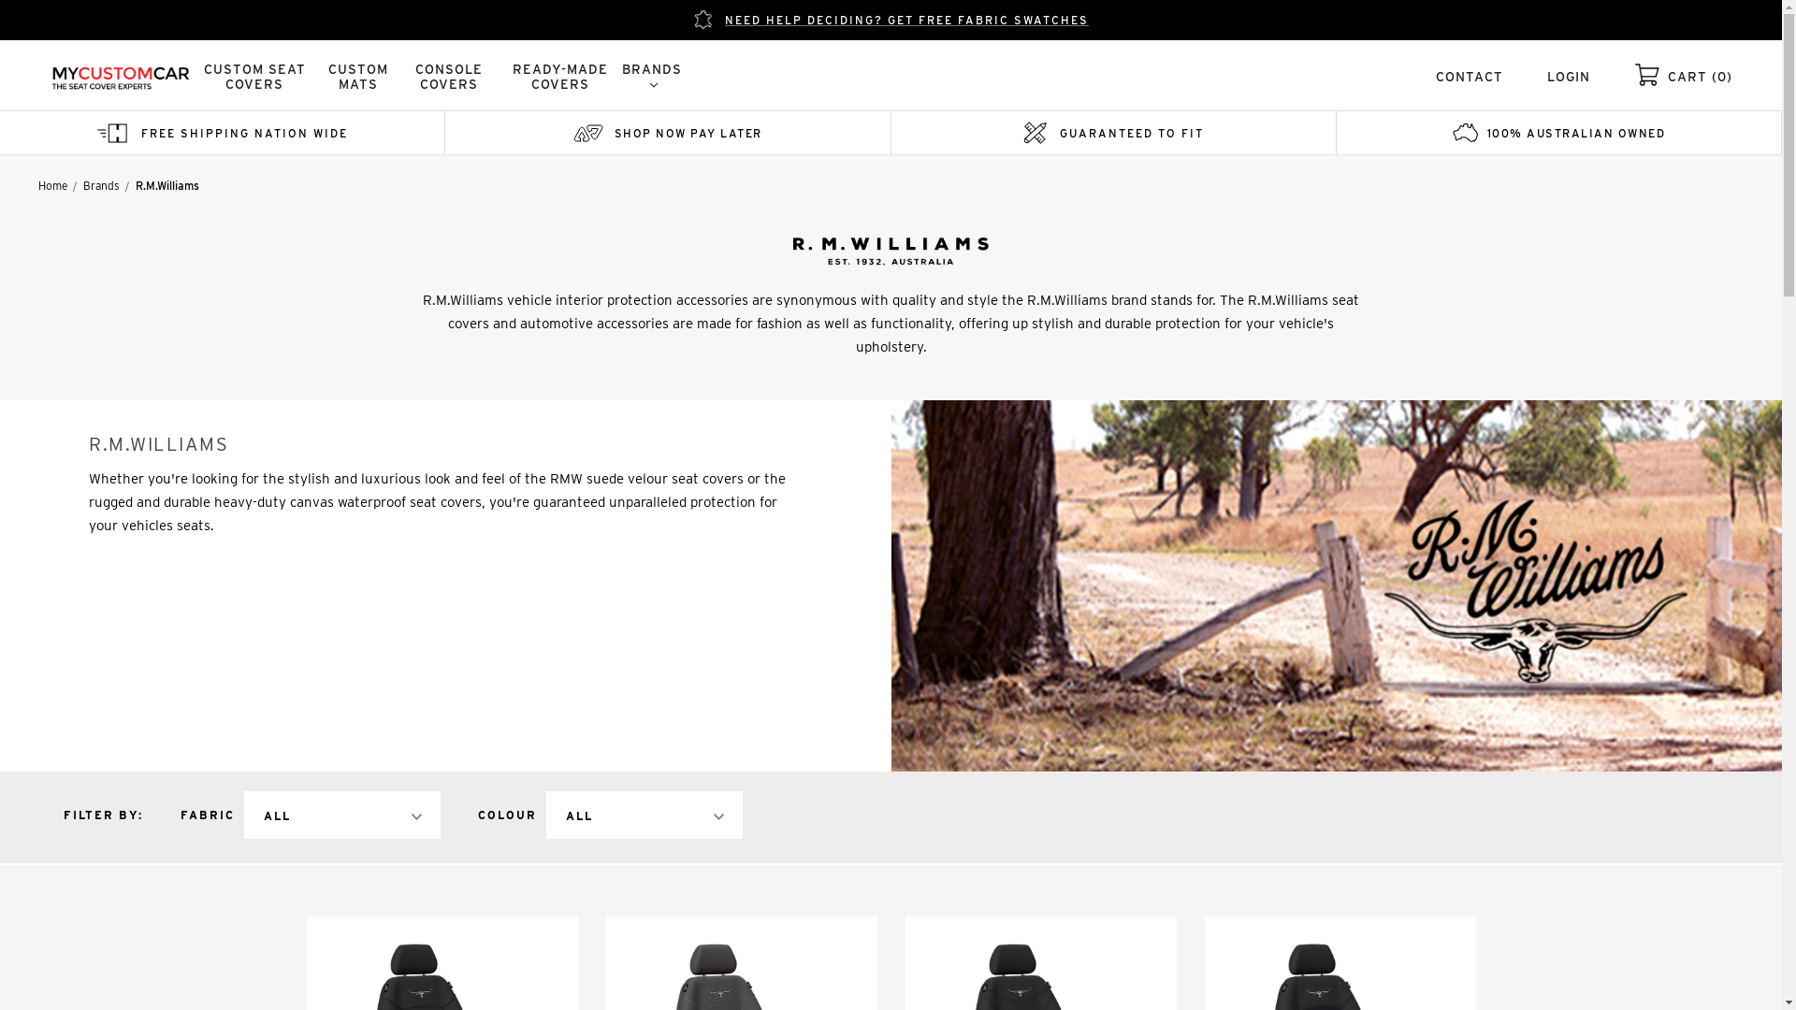 The height and width of the screenshot is (1010, 1796). I want to click on 'LOGIN', so click(1568, 75).